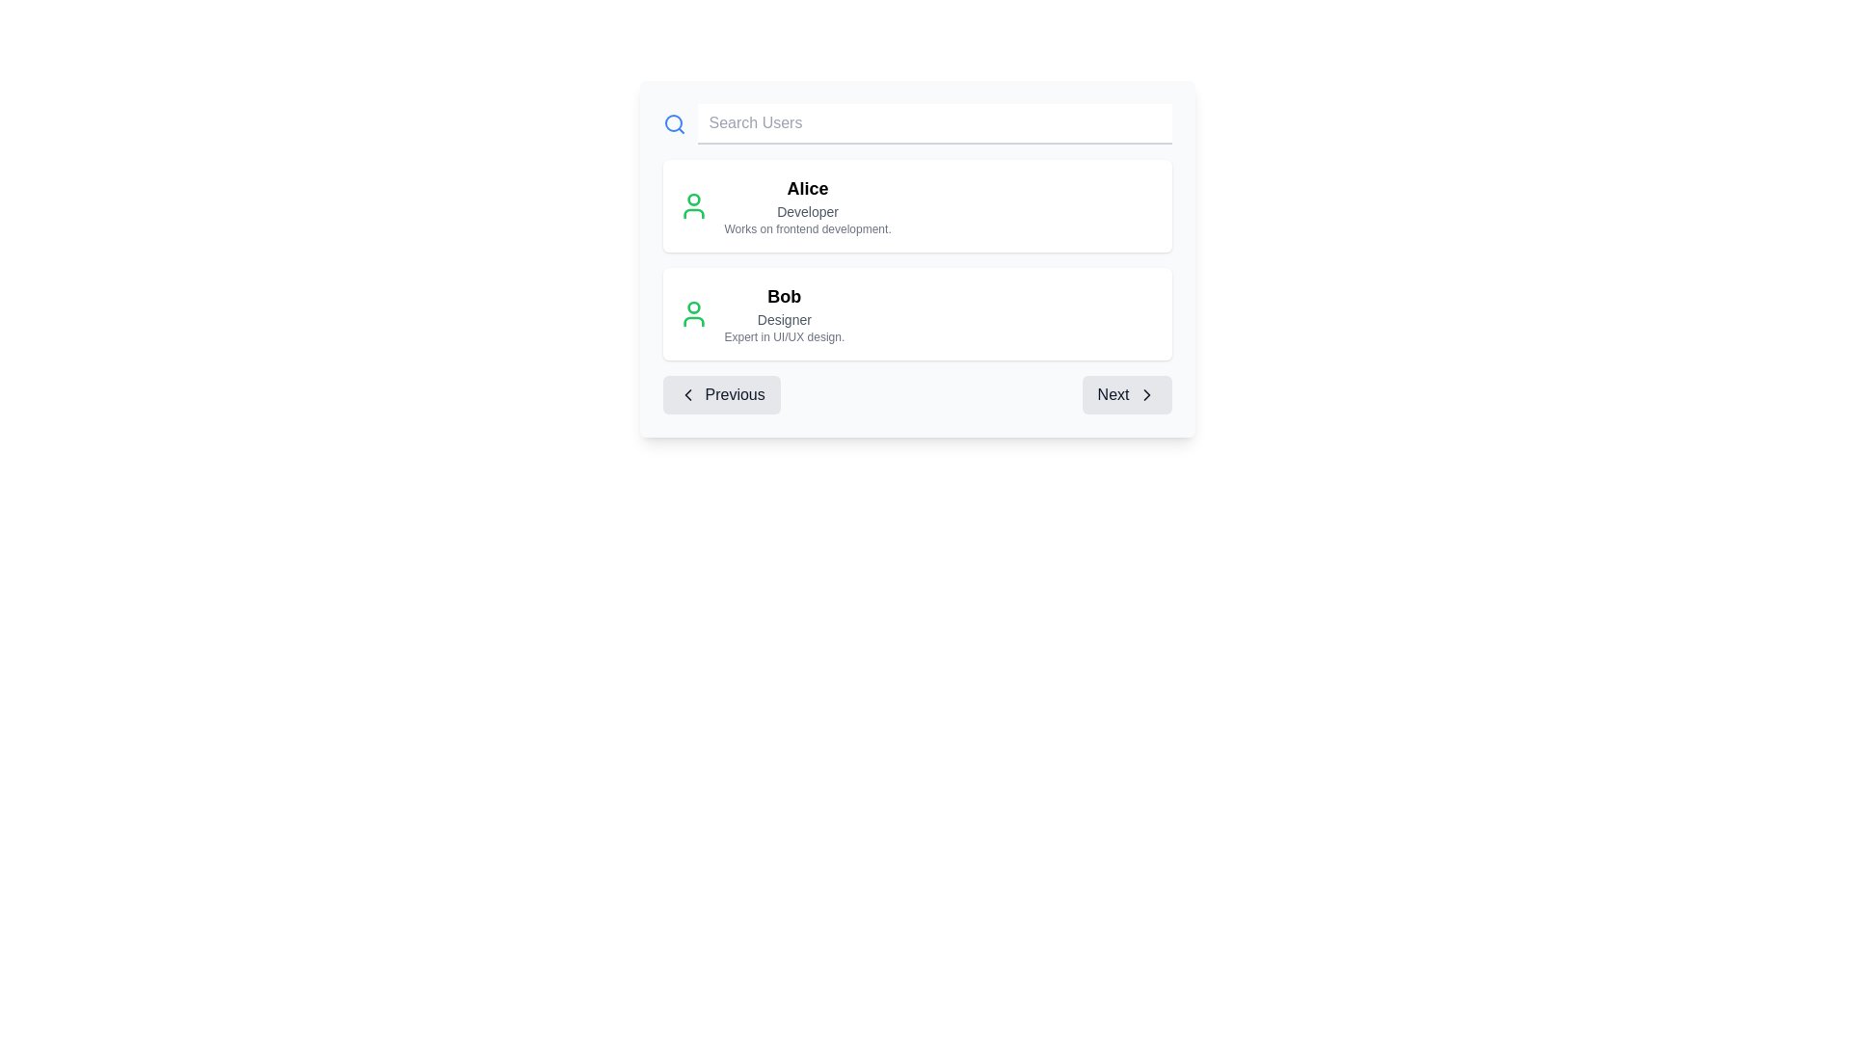  What do you see at coordinates (693, 313) in the screenshot?
I see `the user icon representing 'Bob', which is located to the left of the list entry containing his name, role, and description` at bounding box center [693, 313].